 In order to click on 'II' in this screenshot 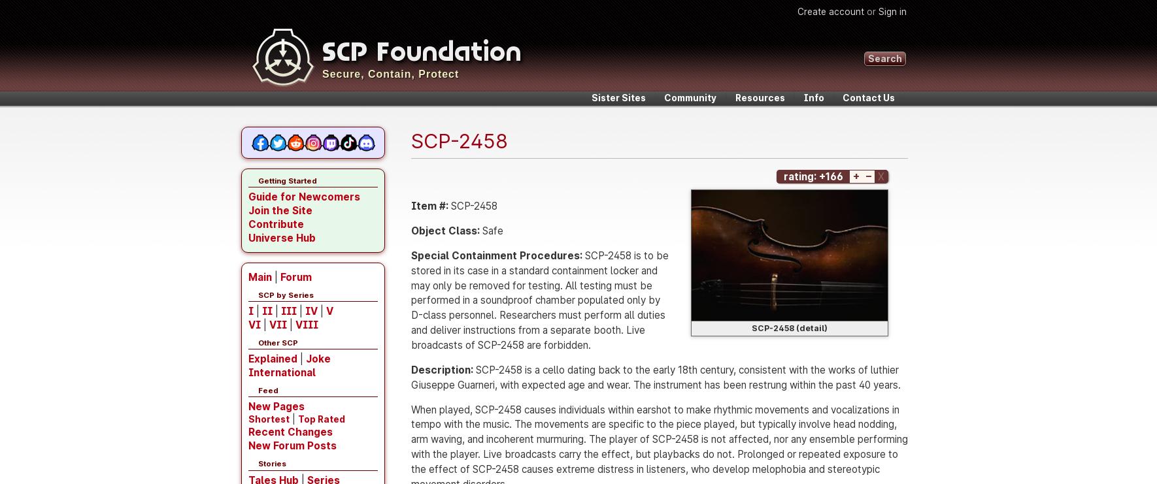, I will do `click(267, 310)`.